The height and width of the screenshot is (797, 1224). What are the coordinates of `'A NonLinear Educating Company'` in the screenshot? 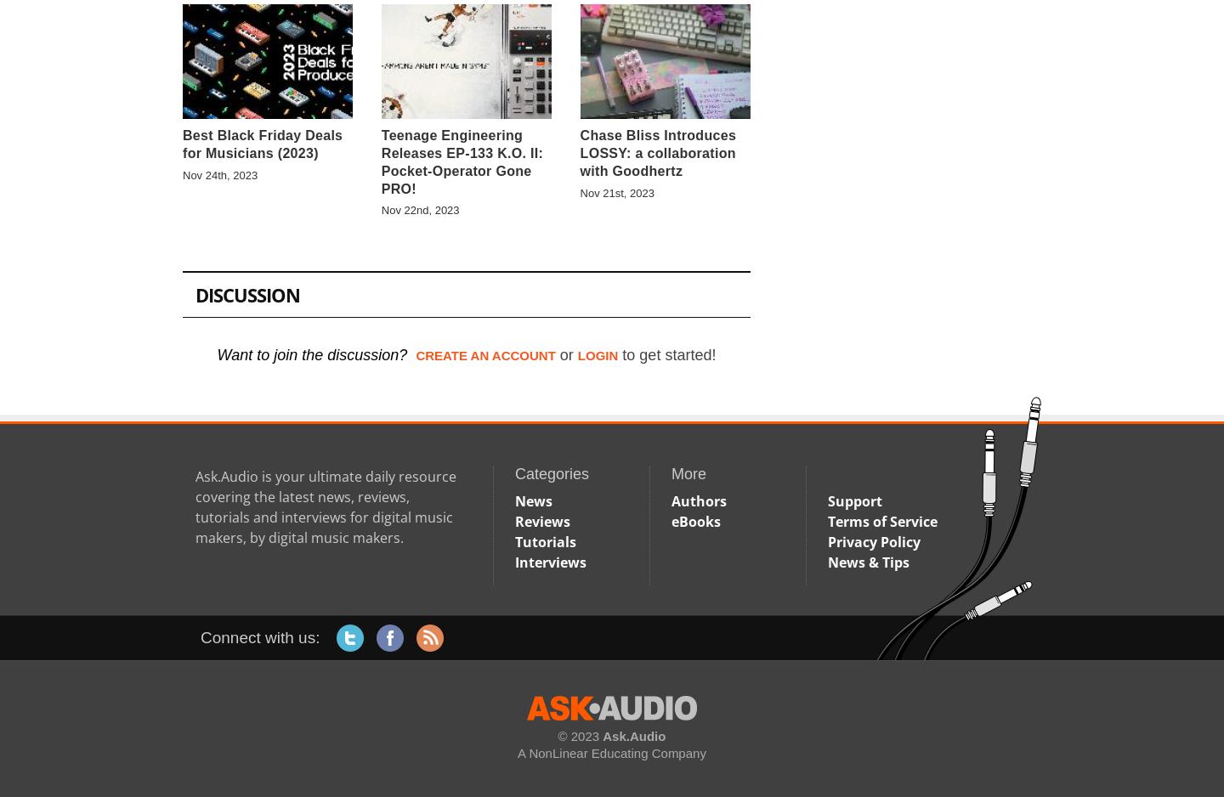 It's located at (611, 753).